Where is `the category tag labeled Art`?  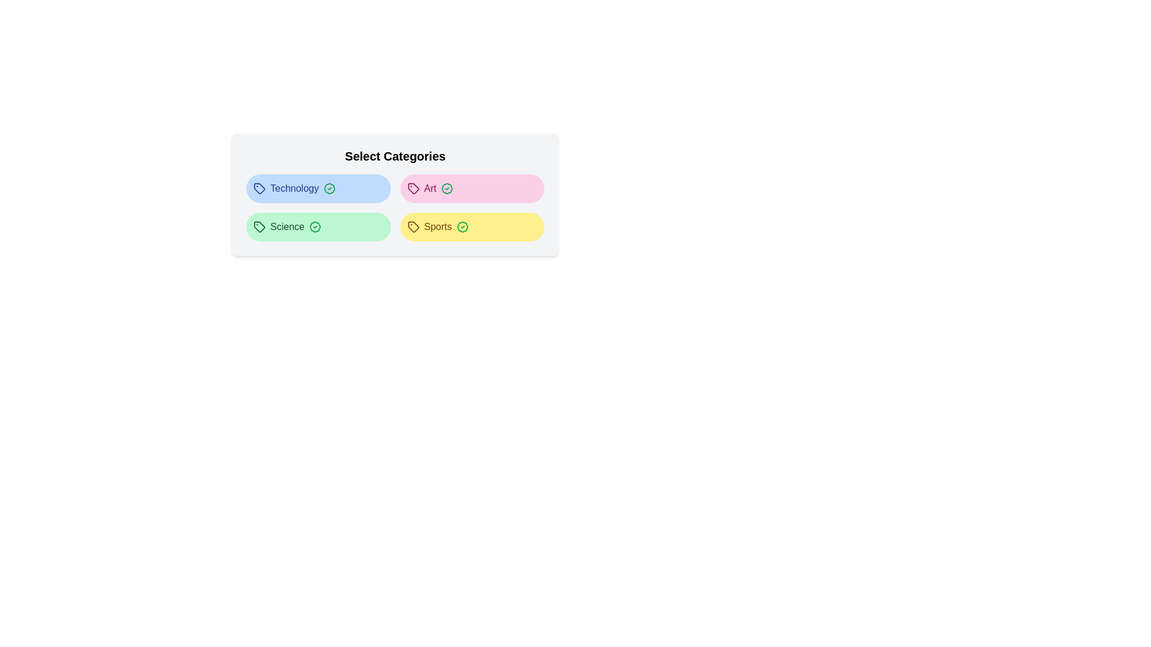 the category tag labeled Art is located at coordinates (471, 189).